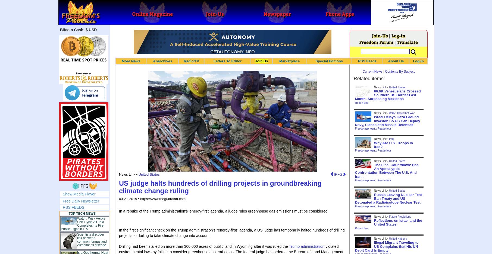 The width and height of the screenshot is (492, 254). What do you see at coordinates (388, 95) in the screenshot?
I see `'66.6K Venezuelans Crossed Southern US Border Last Month, Surpassing Mexicans'` at bounding box center [388, 95].